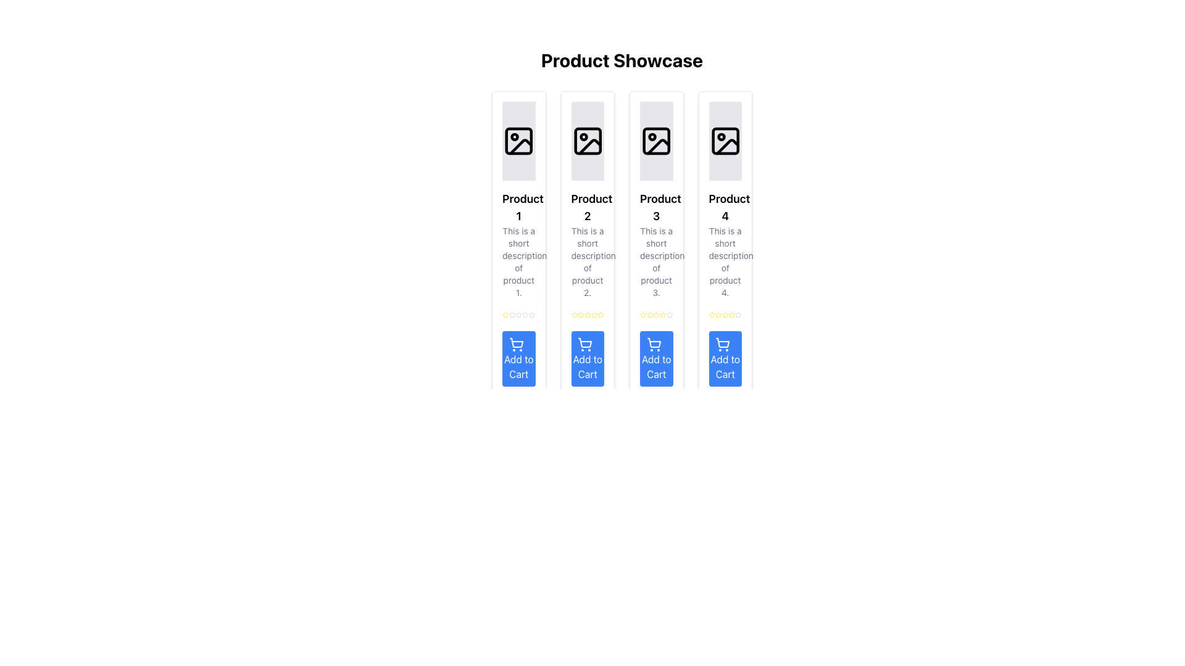 The height and width of the screenshot is (666, 1185). What do you see at coordinates (655, 140) in the screenshot?
I see `the small rectangular Graphic placeholder located in the top-left corner of the image placeholder for 'Product 3'` at bounding box center [655, 140].